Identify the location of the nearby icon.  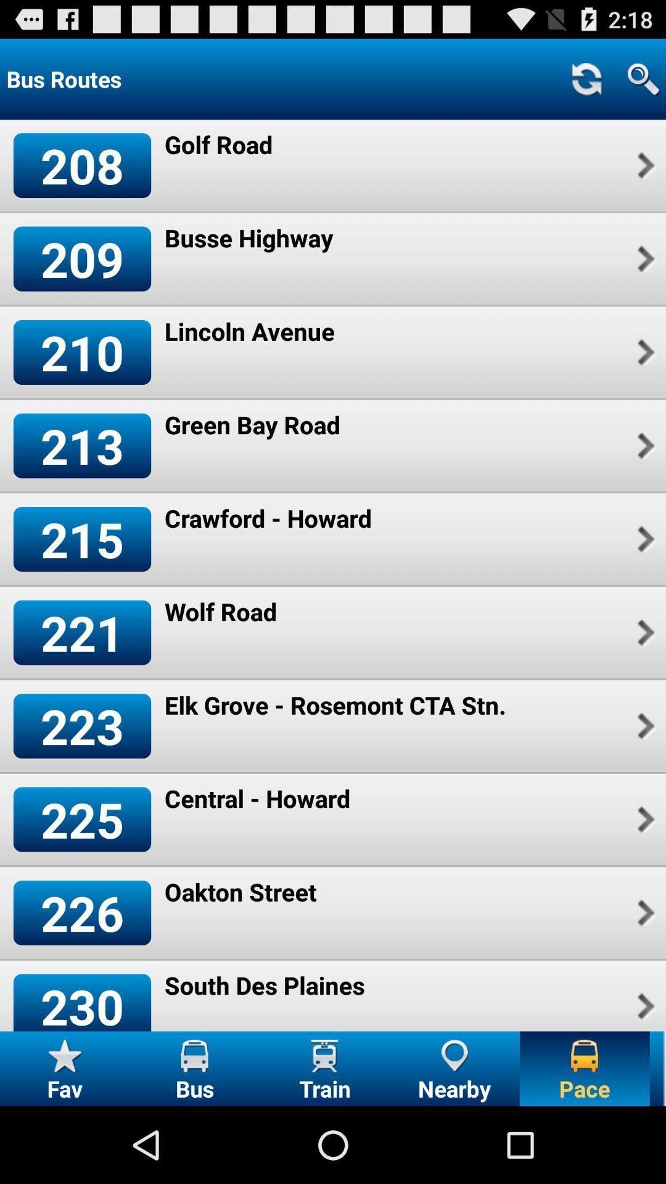
(454, 1068).